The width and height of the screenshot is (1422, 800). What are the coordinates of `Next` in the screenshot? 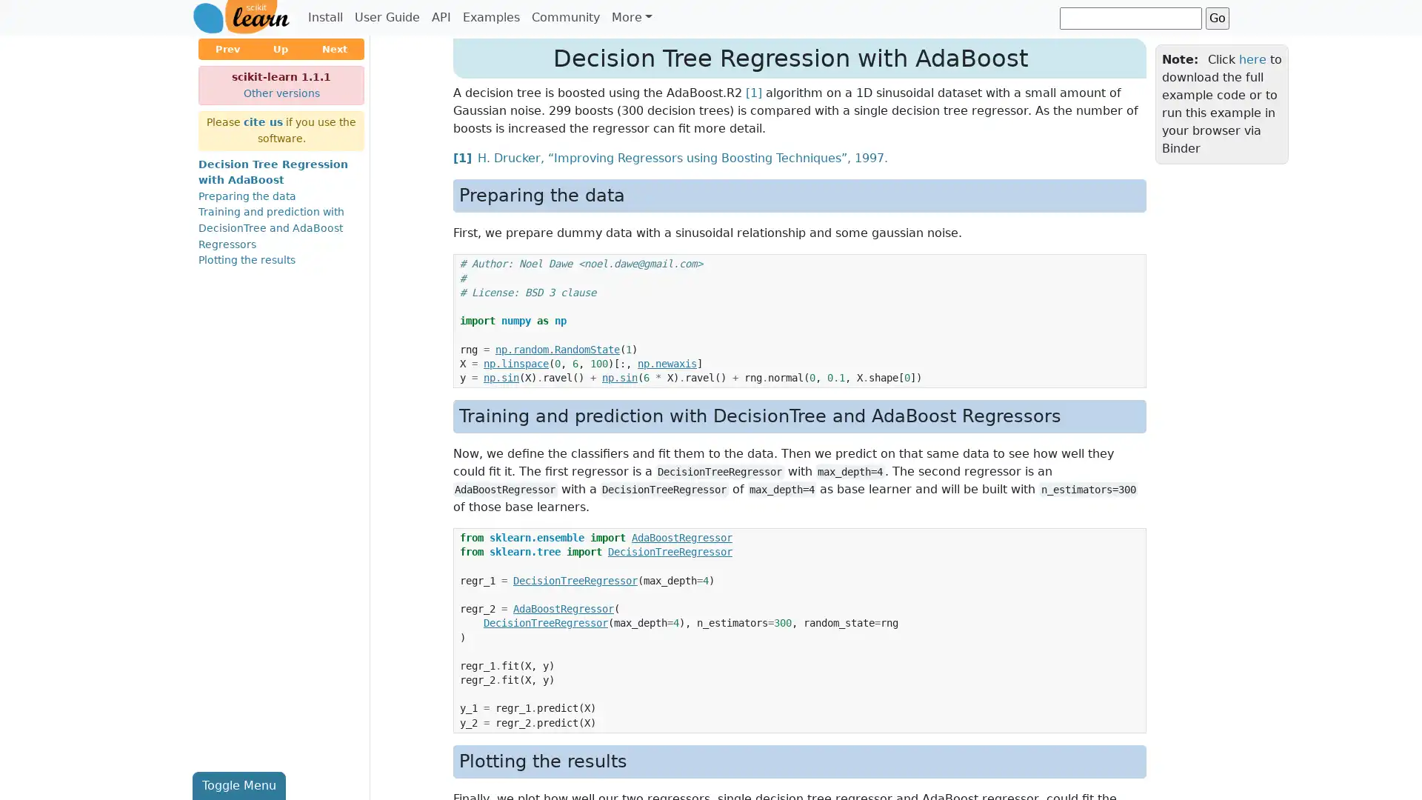 It's located at (333, 48).